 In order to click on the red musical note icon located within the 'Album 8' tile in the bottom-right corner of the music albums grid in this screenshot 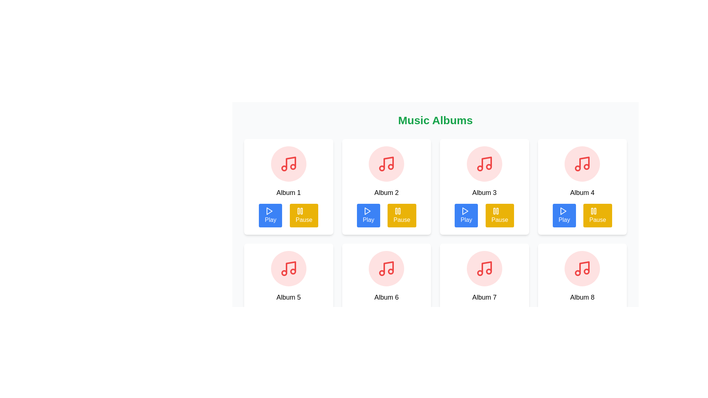, I will do `click(582, 269)`.